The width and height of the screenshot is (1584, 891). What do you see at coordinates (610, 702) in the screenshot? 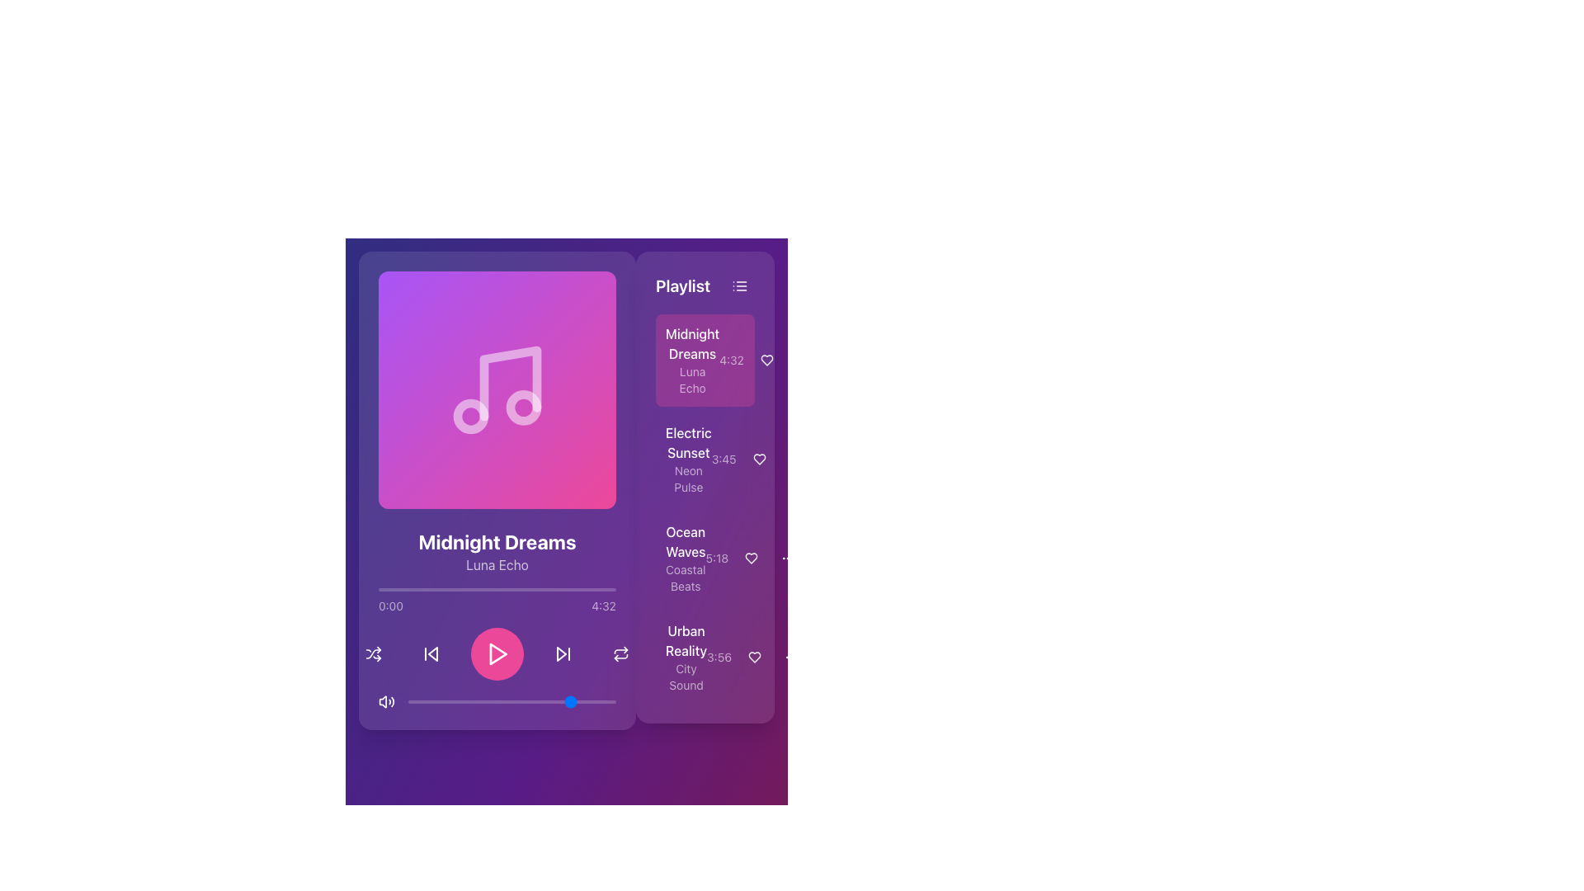
I see `playback progress` at bounding box center [610, 702].